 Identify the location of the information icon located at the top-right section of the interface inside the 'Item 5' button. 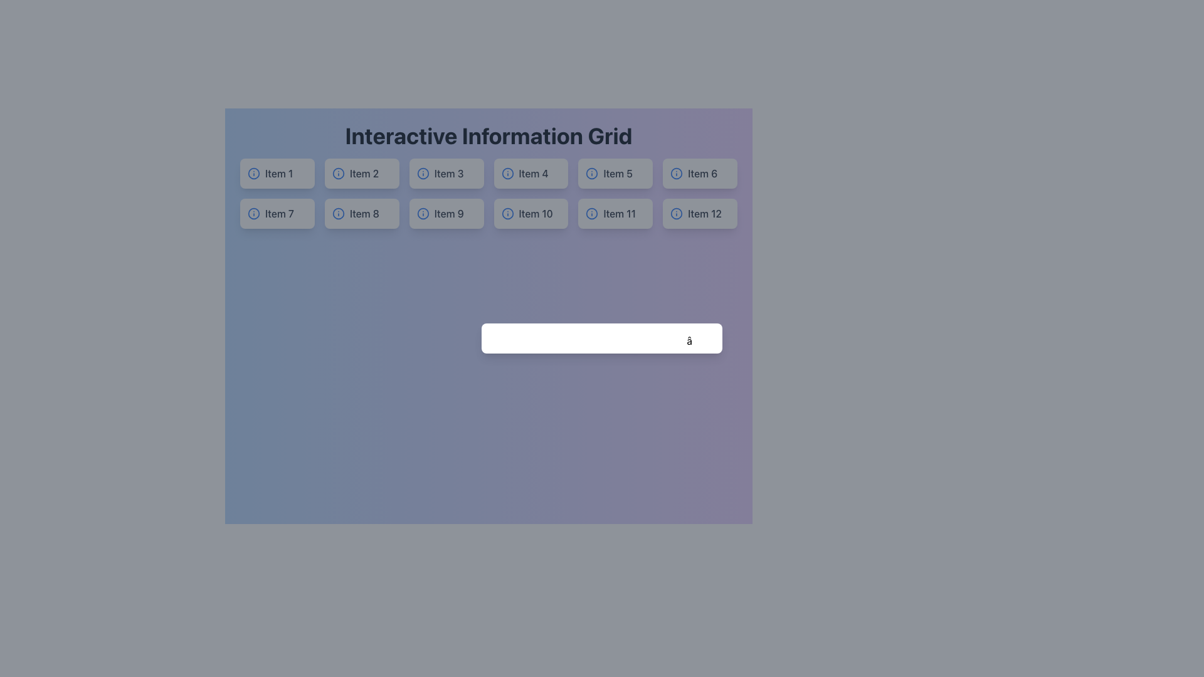
(591, 174).